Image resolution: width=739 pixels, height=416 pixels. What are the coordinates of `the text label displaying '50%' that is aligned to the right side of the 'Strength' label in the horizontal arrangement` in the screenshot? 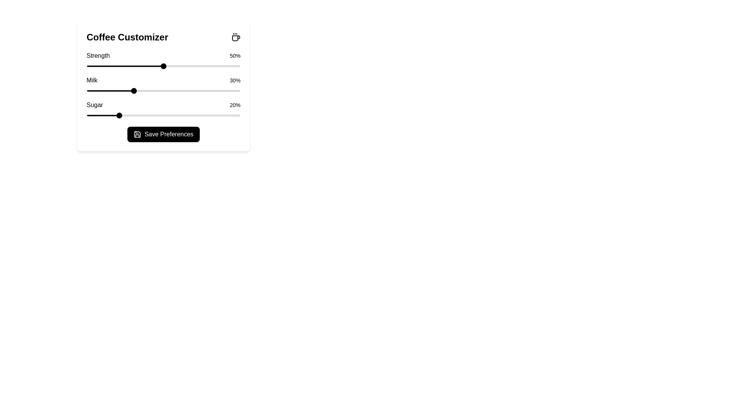 It's located at (234, 55).